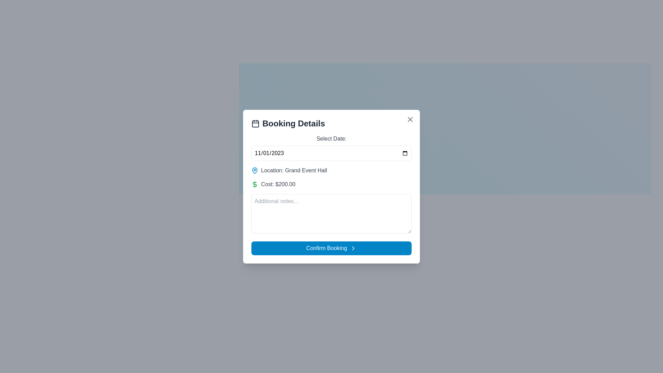  What do you see at coordinates (410, 118) in the screenshot?
I see `the diagonal cross (X) icon in the top-right corner of the 'Booking Details' modal` at bounding box center [410, 118].